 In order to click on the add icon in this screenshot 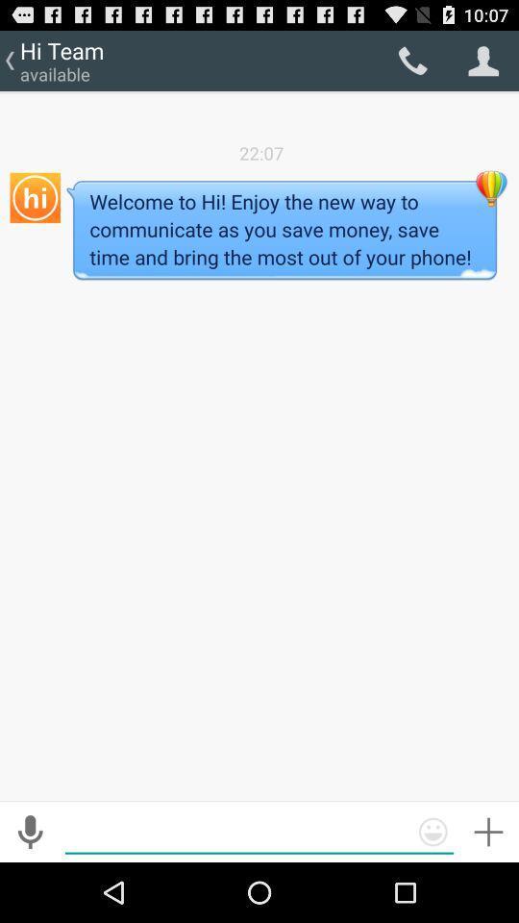, I will do `click(488, 890)`.